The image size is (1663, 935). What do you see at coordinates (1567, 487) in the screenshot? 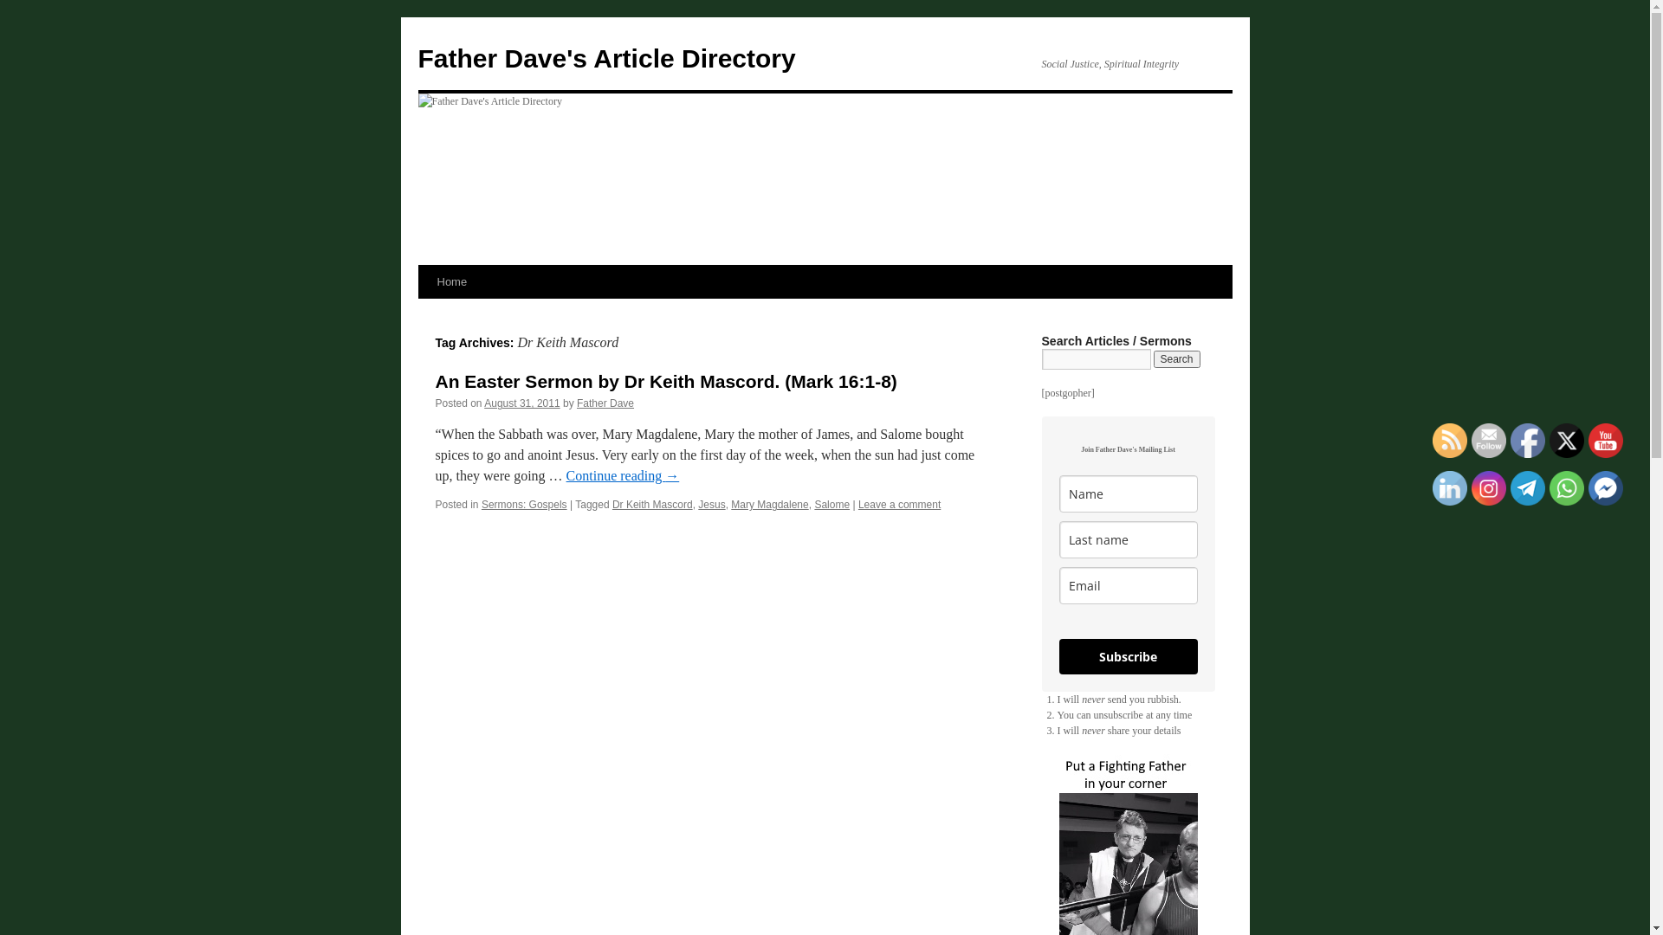
I see `'WhatsApp'` at bounding box center [1567, 487].